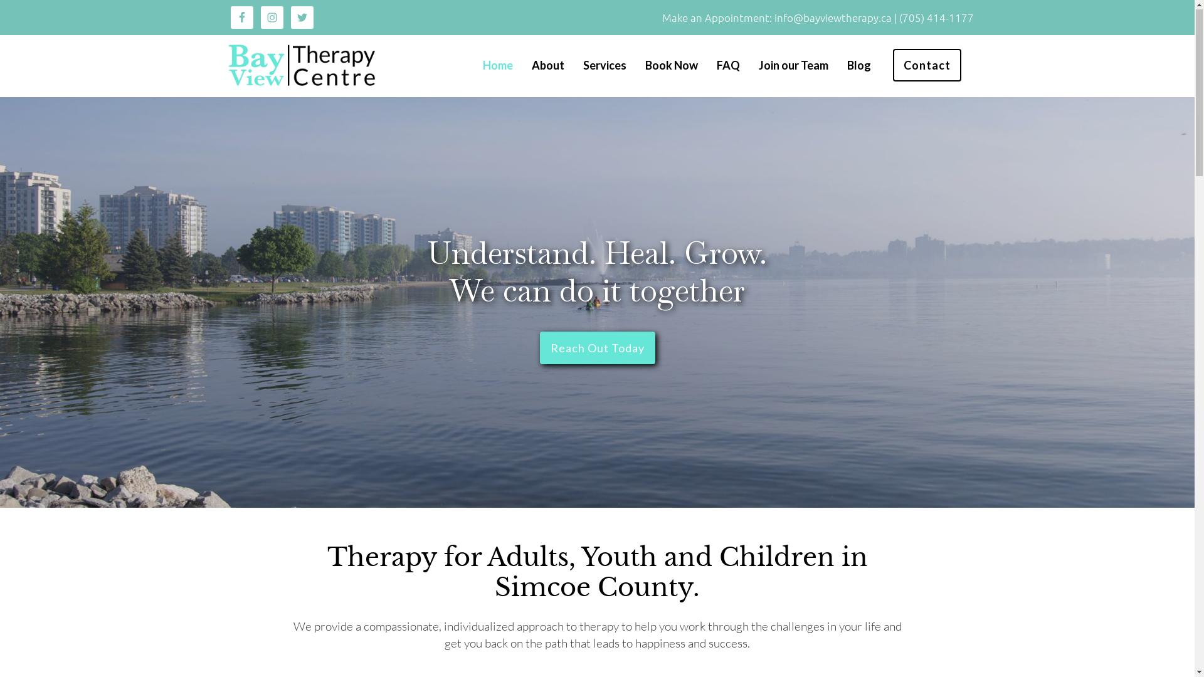 The image size is (1204, 677). Describe the element at coordinates (482, 65) in the screenshot. I see `'Home'` at that location.